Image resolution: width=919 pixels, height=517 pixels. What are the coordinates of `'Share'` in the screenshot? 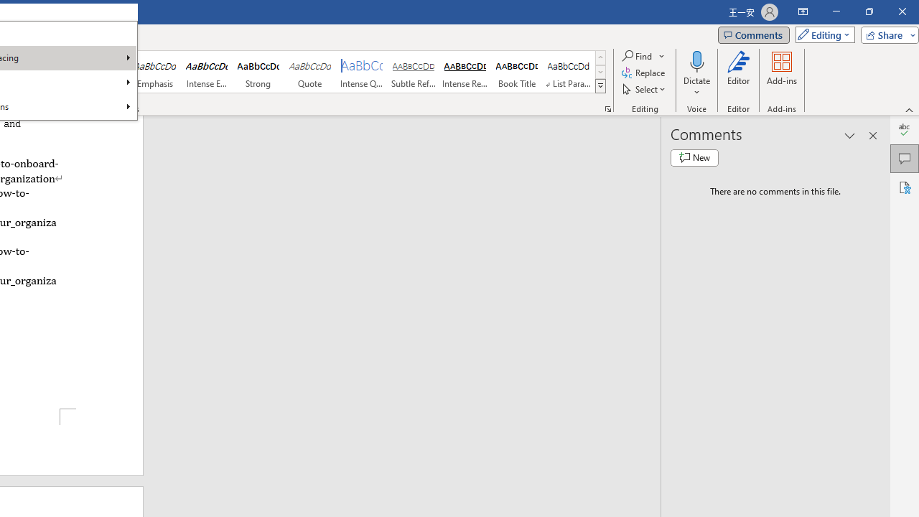 It's located at (886, 34).